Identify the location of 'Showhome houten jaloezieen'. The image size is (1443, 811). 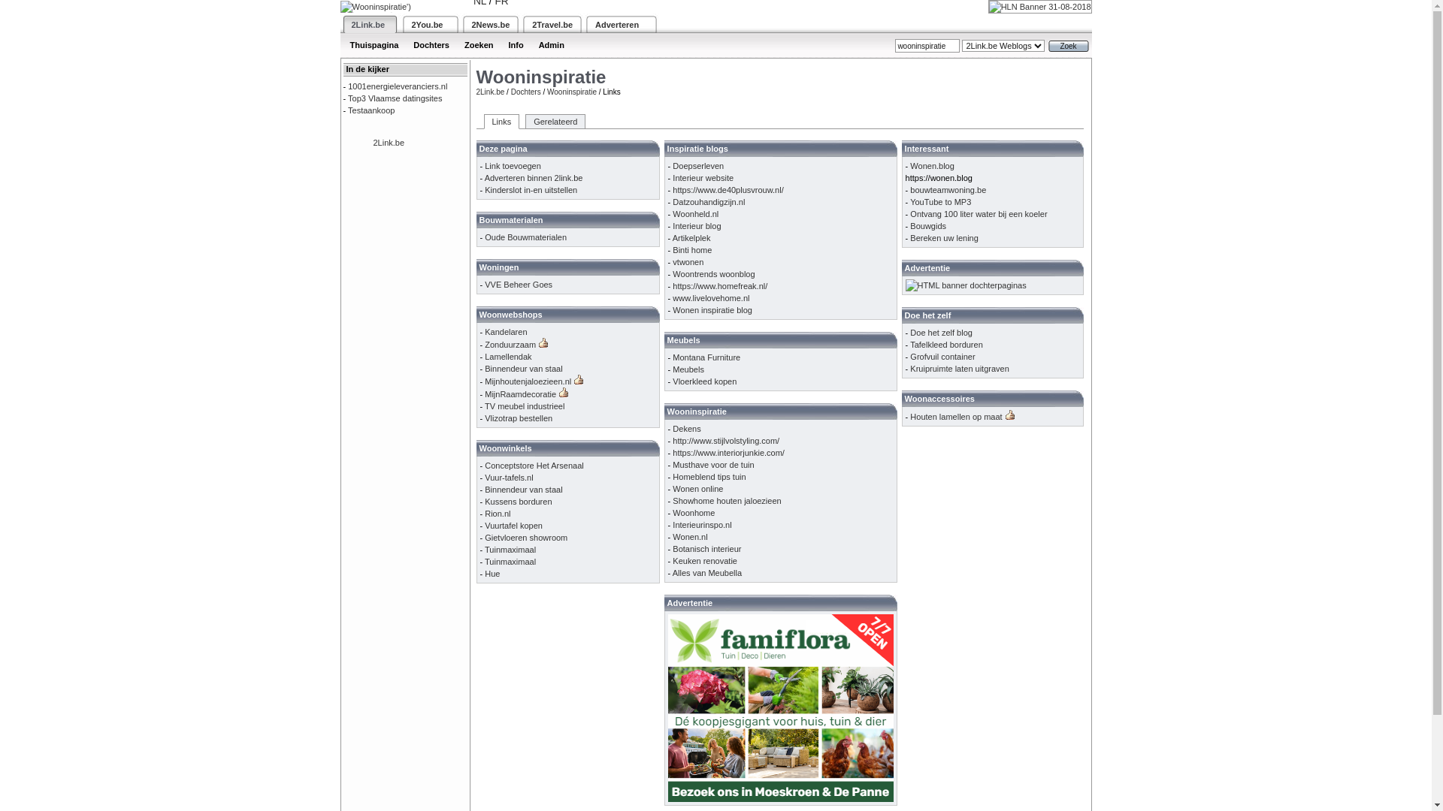
(726, 501).